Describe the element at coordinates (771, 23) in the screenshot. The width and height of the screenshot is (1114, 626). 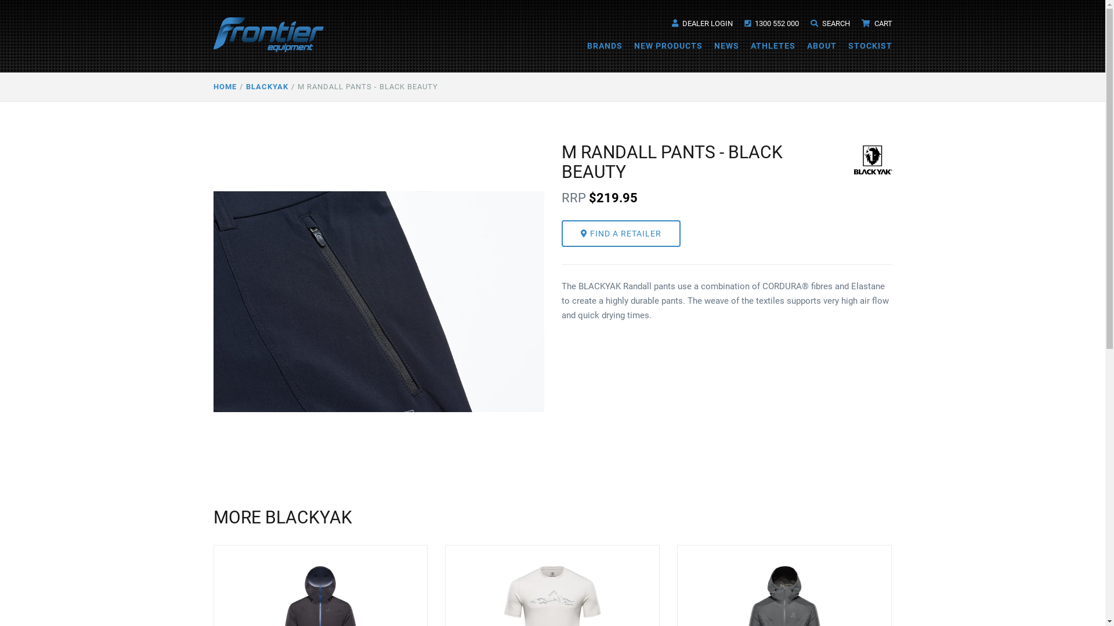
I see `'1300 552 000'` at that location.